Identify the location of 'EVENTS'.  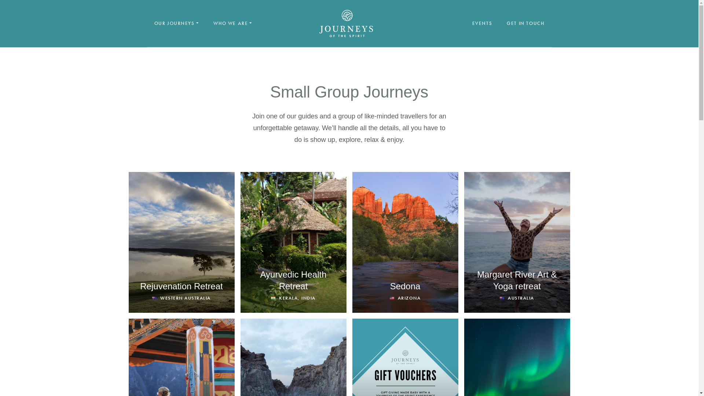
(482, 23).